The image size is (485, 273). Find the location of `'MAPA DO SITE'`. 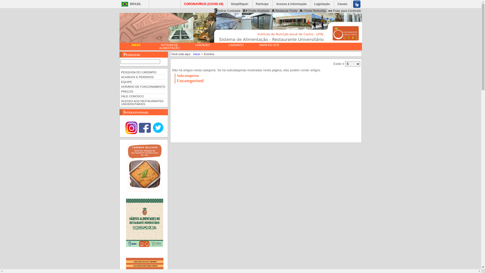

'MAPA DO SITE' is located at coordinates (269, 44).